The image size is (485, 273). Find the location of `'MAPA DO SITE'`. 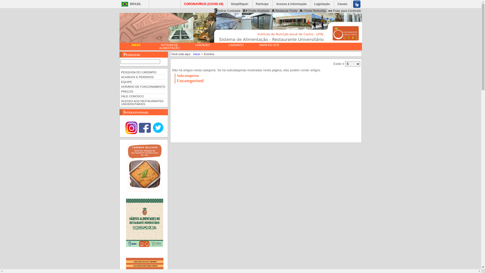

'MAPA DO SITE' is located at coordinates (269, 44).